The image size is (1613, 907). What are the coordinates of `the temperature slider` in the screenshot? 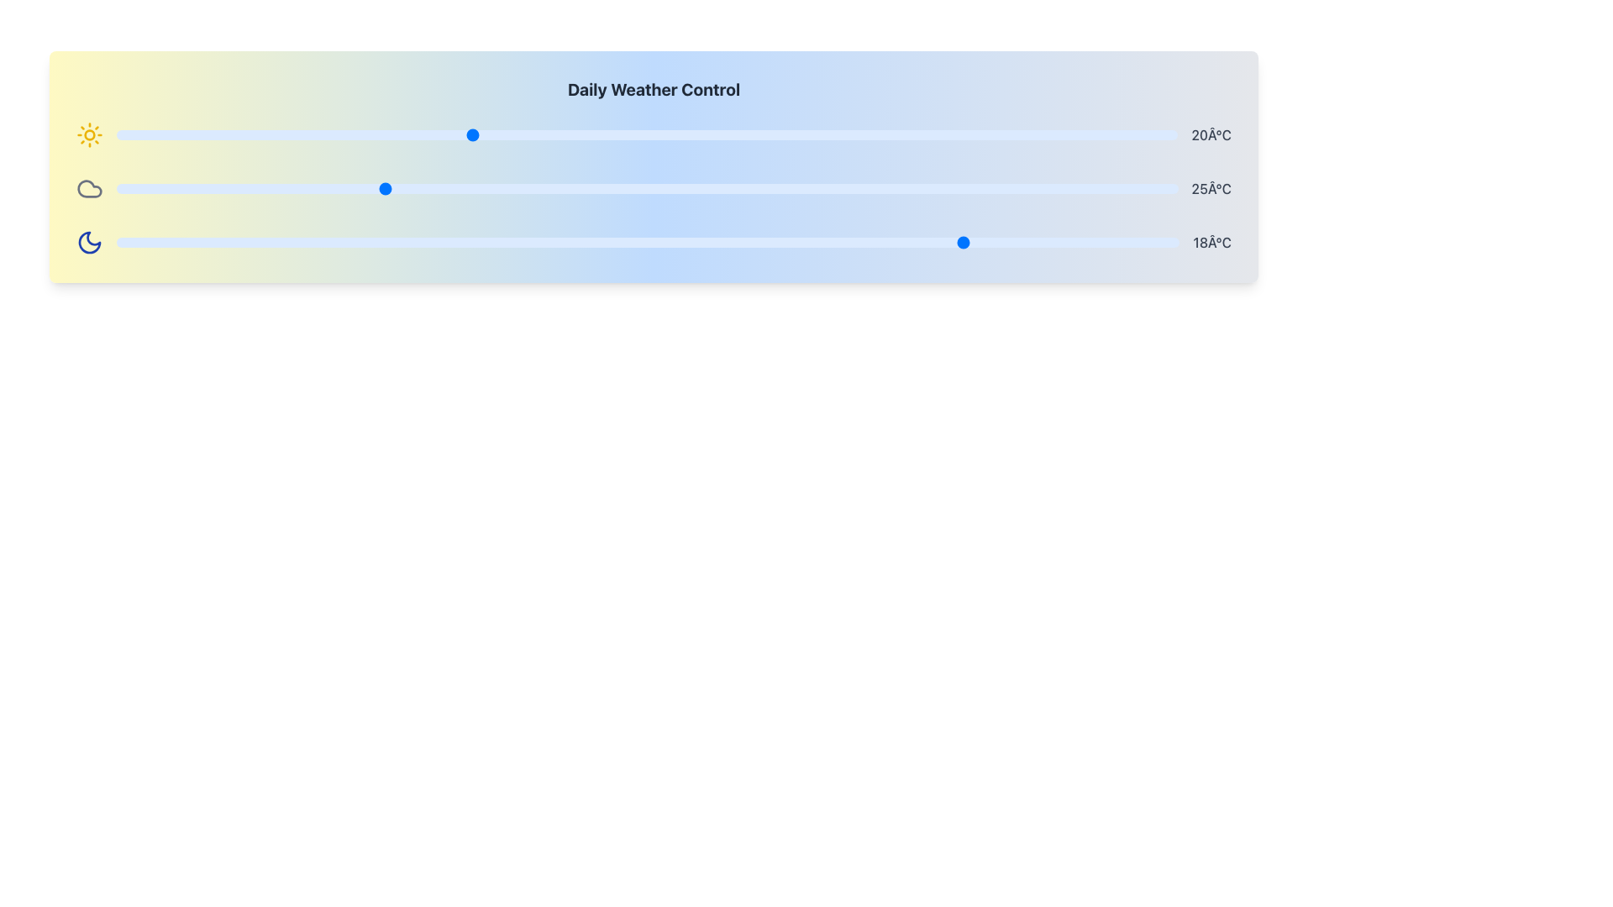 It's located at (329, 243).